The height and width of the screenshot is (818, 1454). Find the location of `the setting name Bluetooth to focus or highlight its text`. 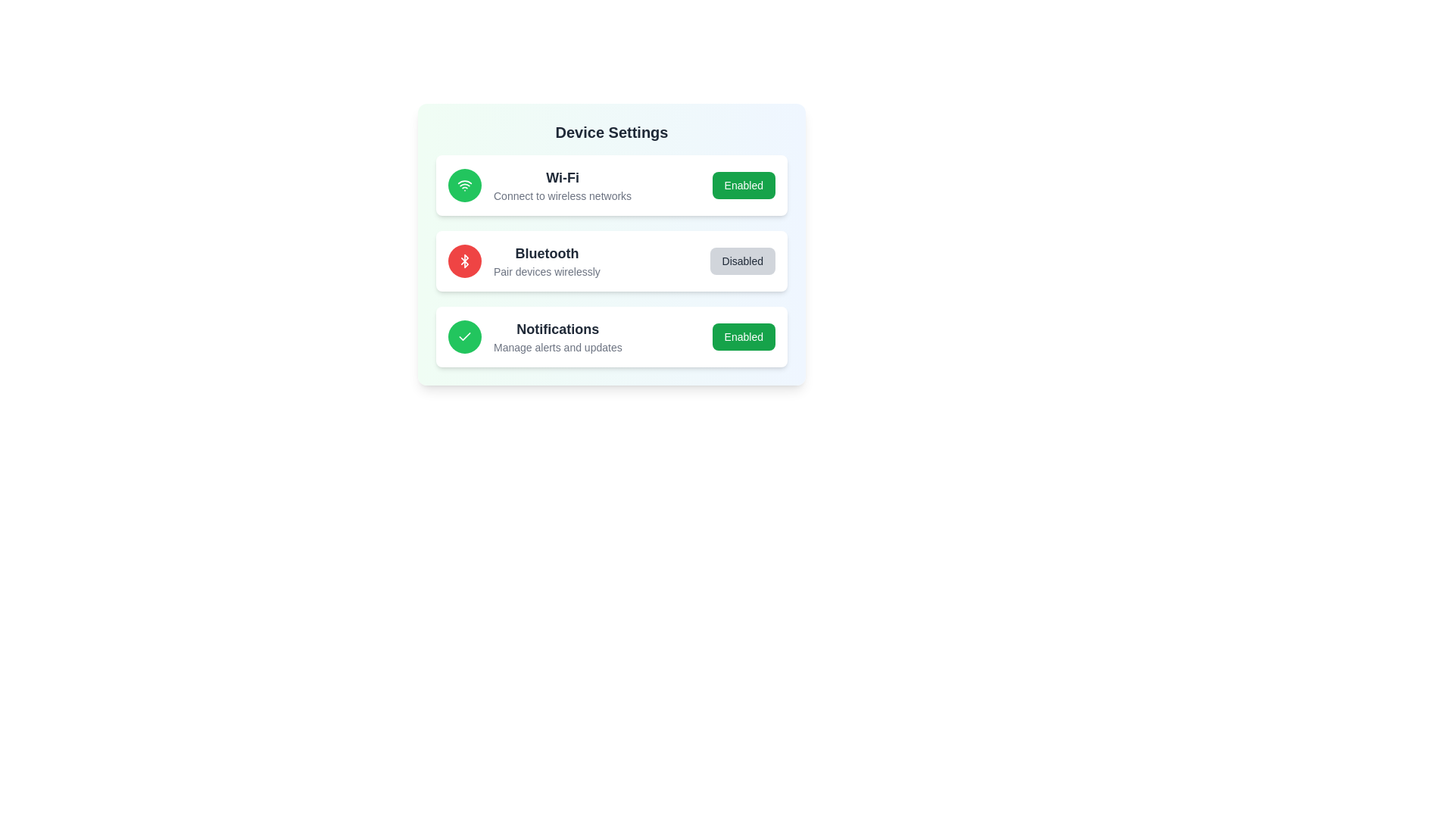

the setting name Bluetooth to focus or highlight its text is located at coordinates (546, 253).